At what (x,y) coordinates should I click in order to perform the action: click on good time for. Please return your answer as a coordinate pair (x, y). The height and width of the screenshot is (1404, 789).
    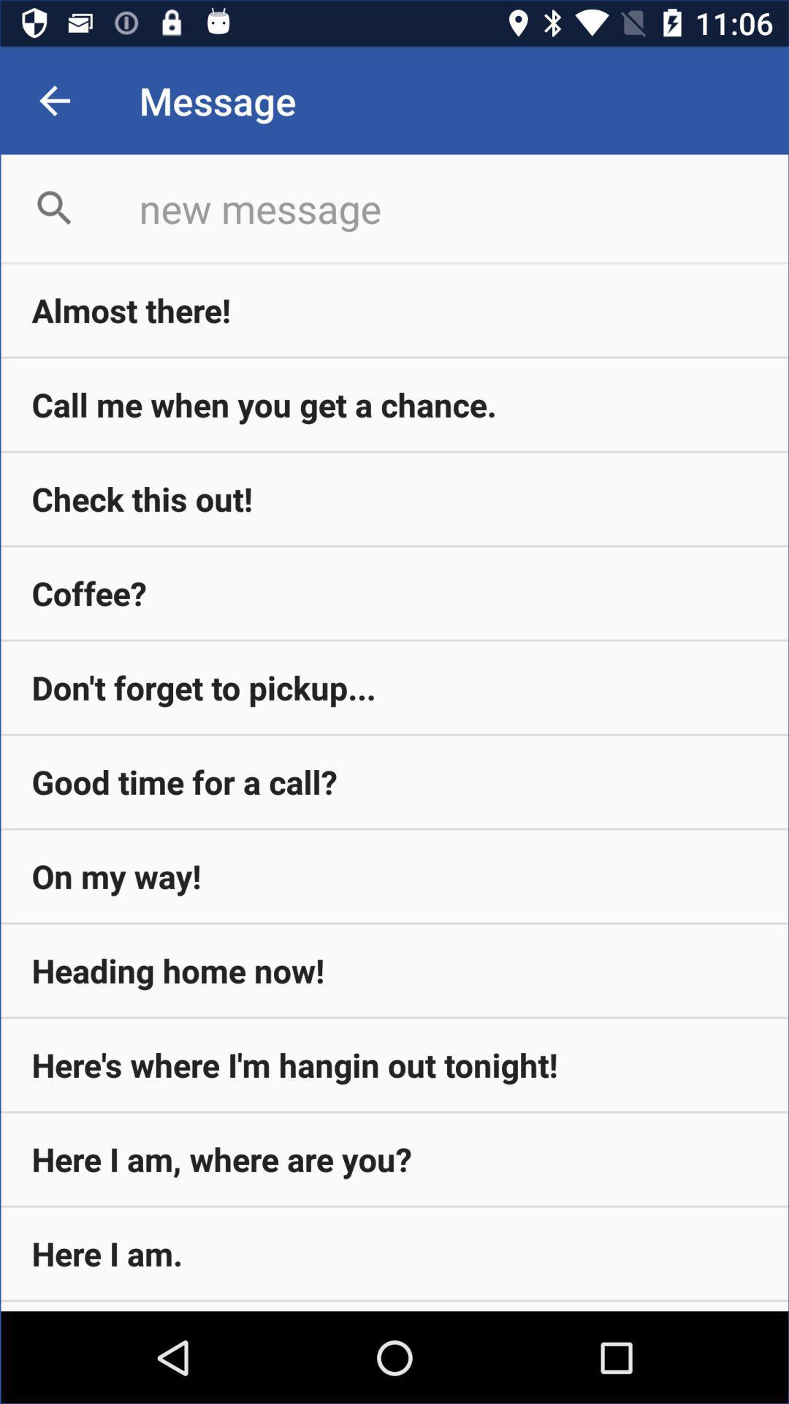
    Looking at the image, I should click on (394, 781).